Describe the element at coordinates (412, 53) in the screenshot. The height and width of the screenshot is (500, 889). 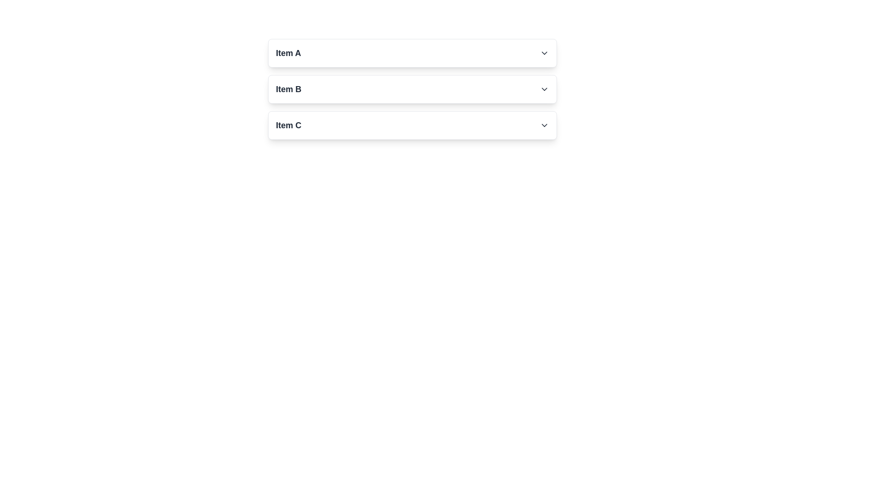
I see `the 'Item A' button` at that location.